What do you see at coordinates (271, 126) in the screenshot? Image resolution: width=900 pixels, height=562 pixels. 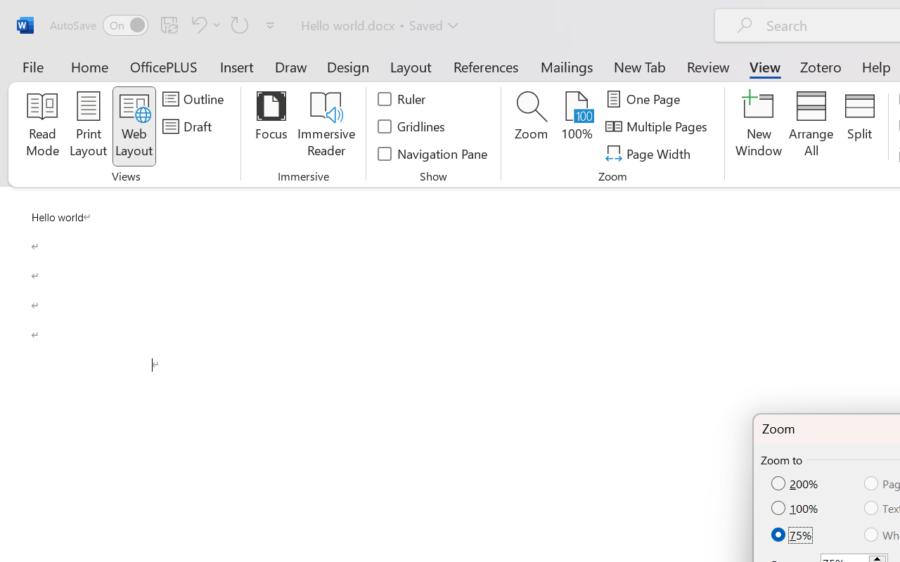 I see `'Focus'` at bounding box center [271, 126].